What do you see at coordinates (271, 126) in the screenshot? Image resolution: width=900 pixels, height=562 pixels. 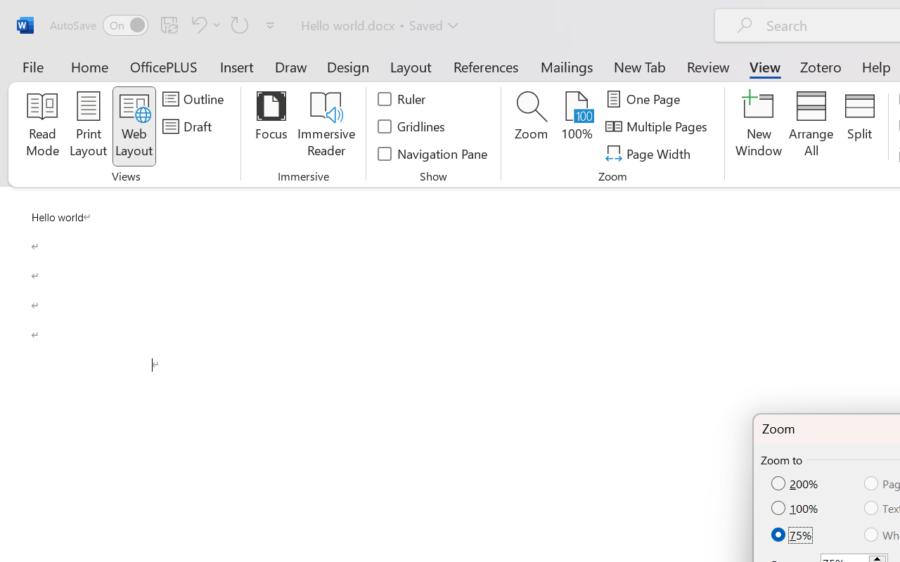 I see `'Focus'` at bounding box center [271, 126].